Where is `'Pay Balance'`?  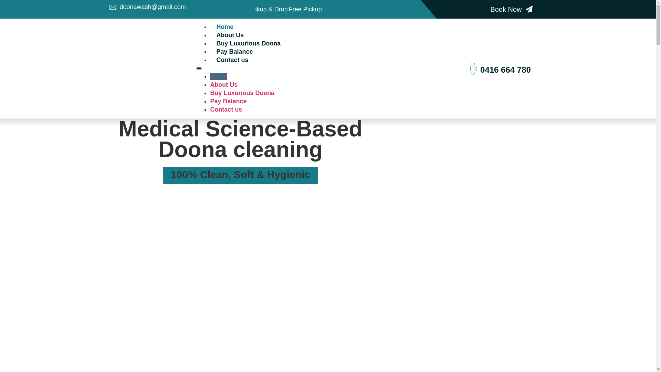
'Pay Balance' is located at coordinates (234, 51).